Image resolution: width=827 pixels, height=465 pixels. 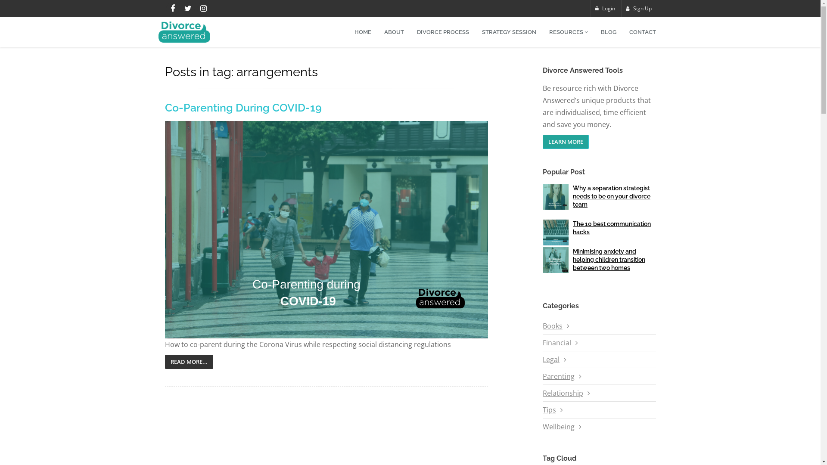 What do you see at coordinates (377, 31) in the screenshot?
I see `'ABOUT'` at bounding box center [377, 31].